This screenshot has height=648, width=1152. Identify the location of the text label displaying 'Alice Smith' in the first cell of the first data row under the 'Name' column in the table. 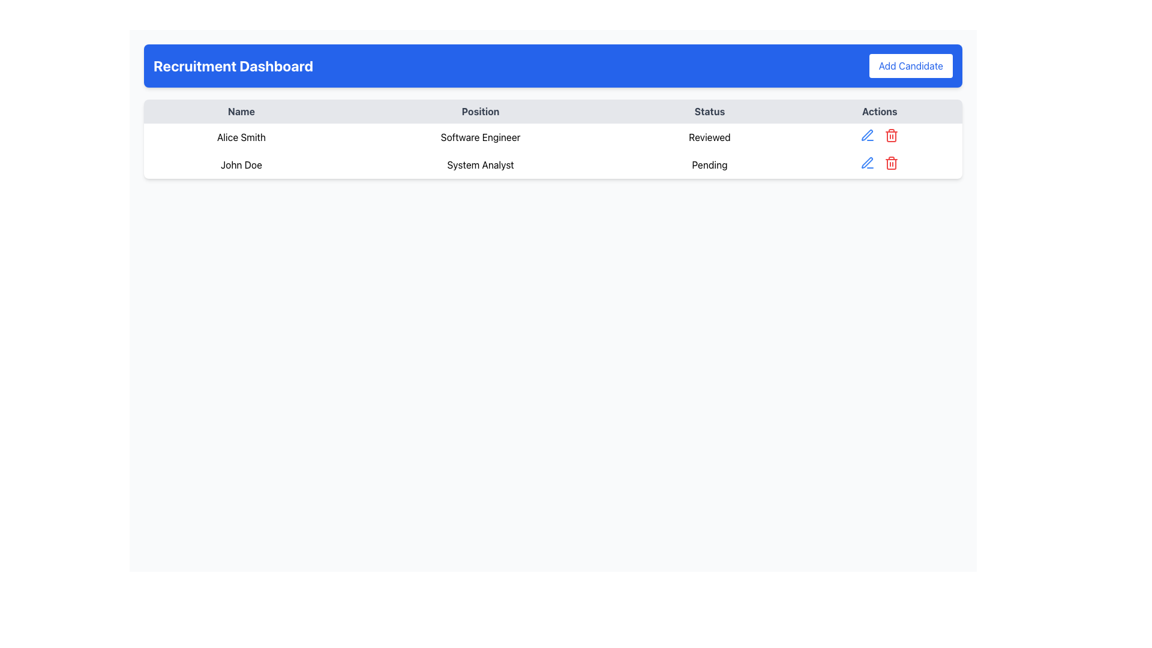
(241, 136).